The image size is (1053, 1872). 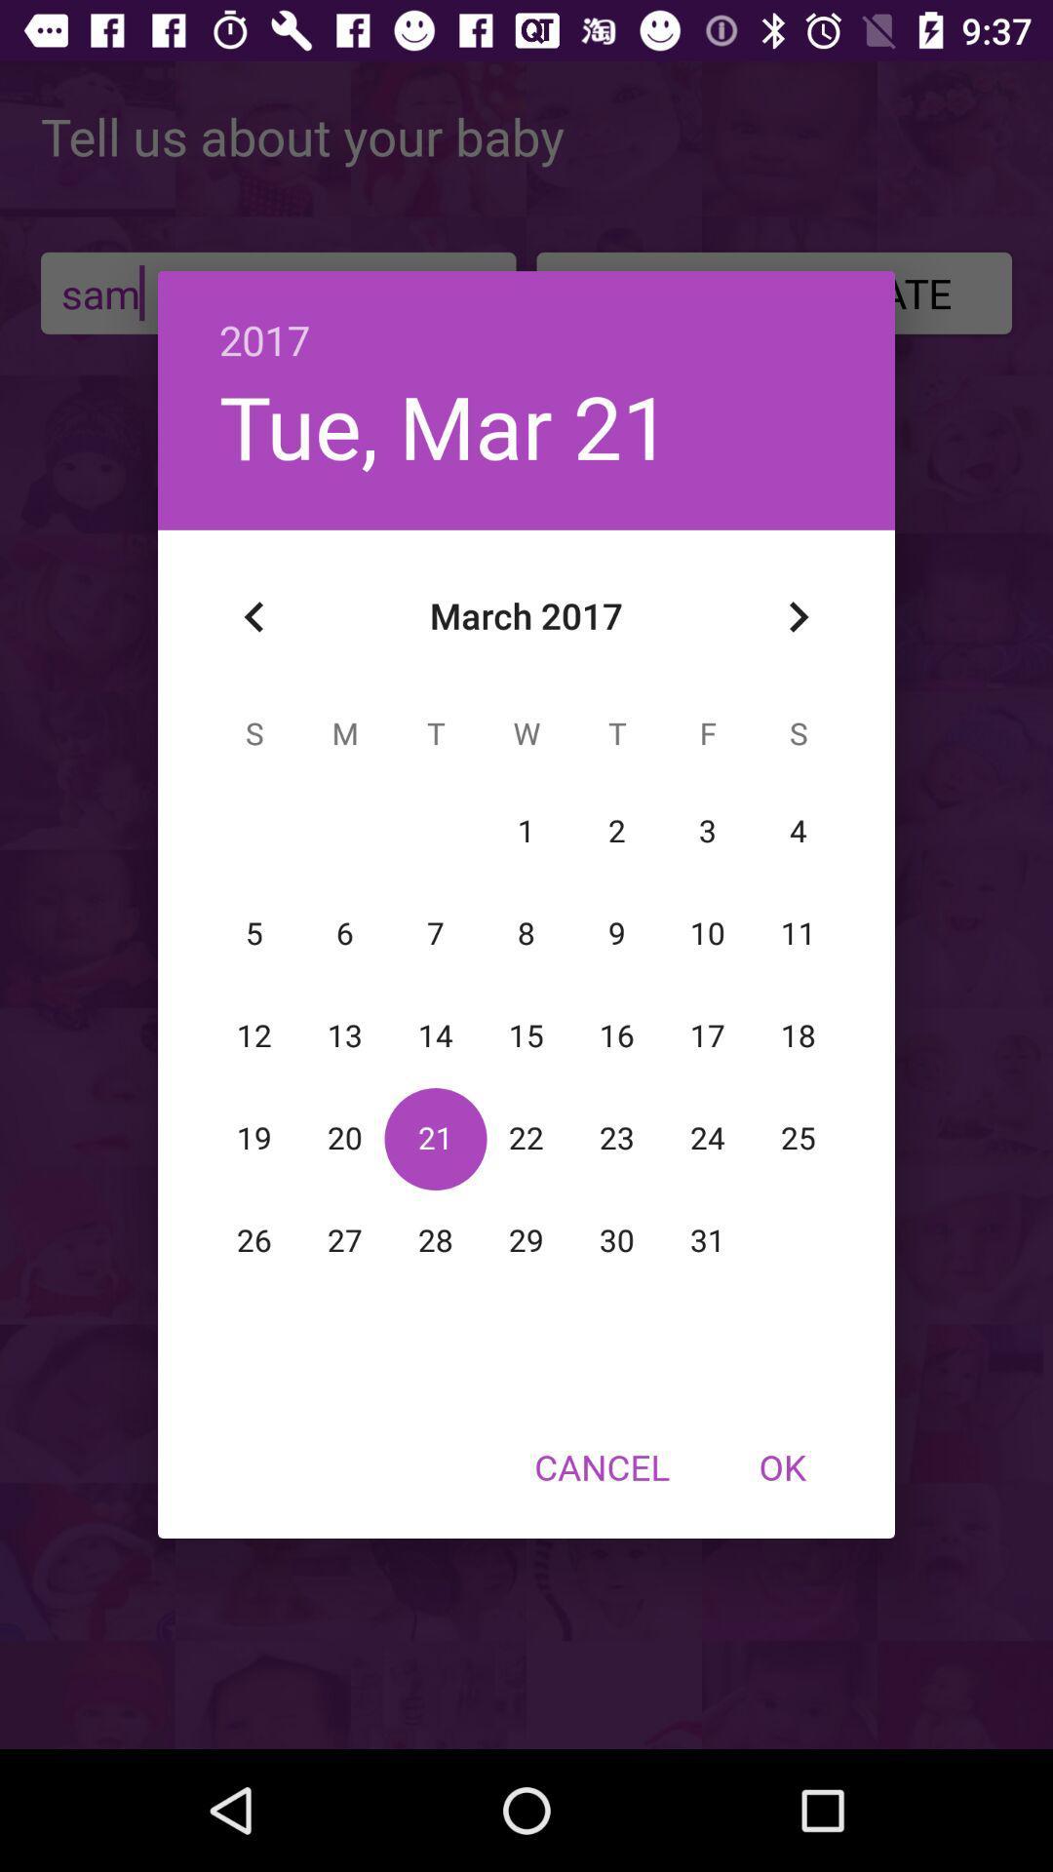 I want to click on the item to the left of the ok item, so click(x=601, y=1466).